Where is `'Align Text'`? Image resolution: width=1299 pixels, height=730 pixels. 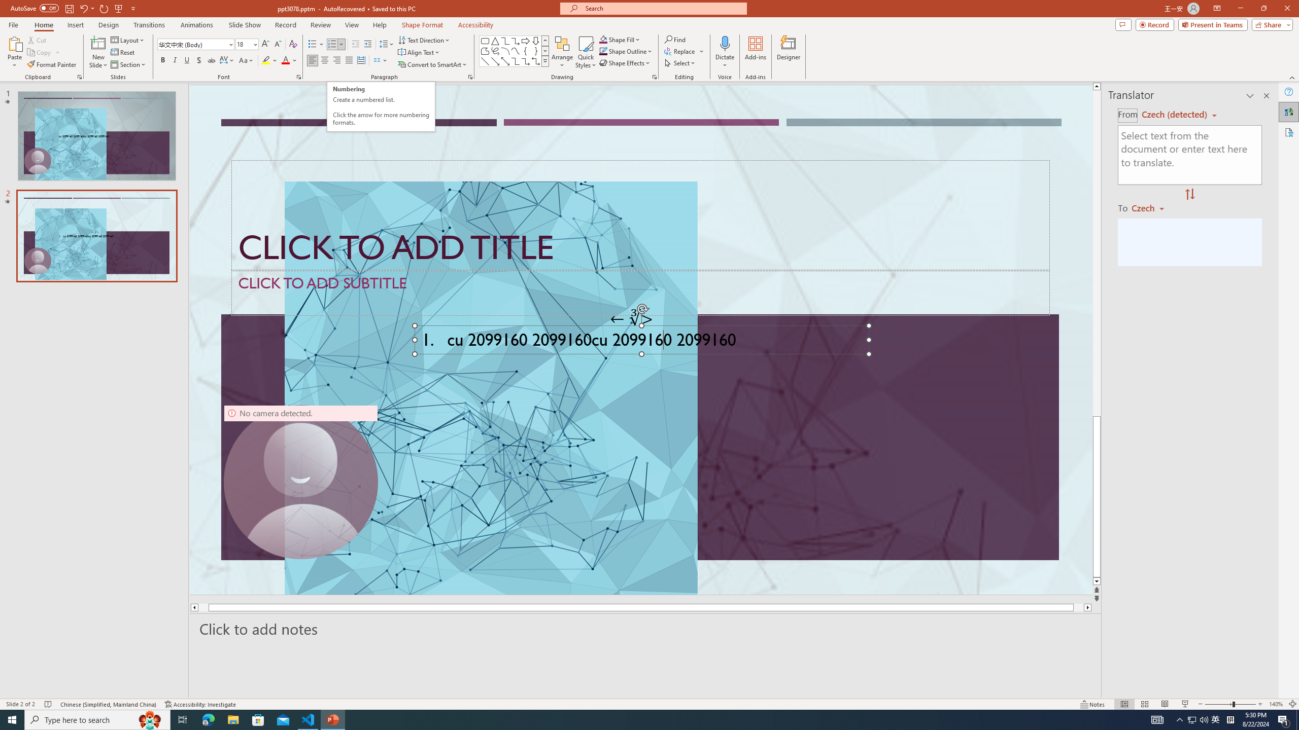
'Align Text' is located at coordinates (419, 52).